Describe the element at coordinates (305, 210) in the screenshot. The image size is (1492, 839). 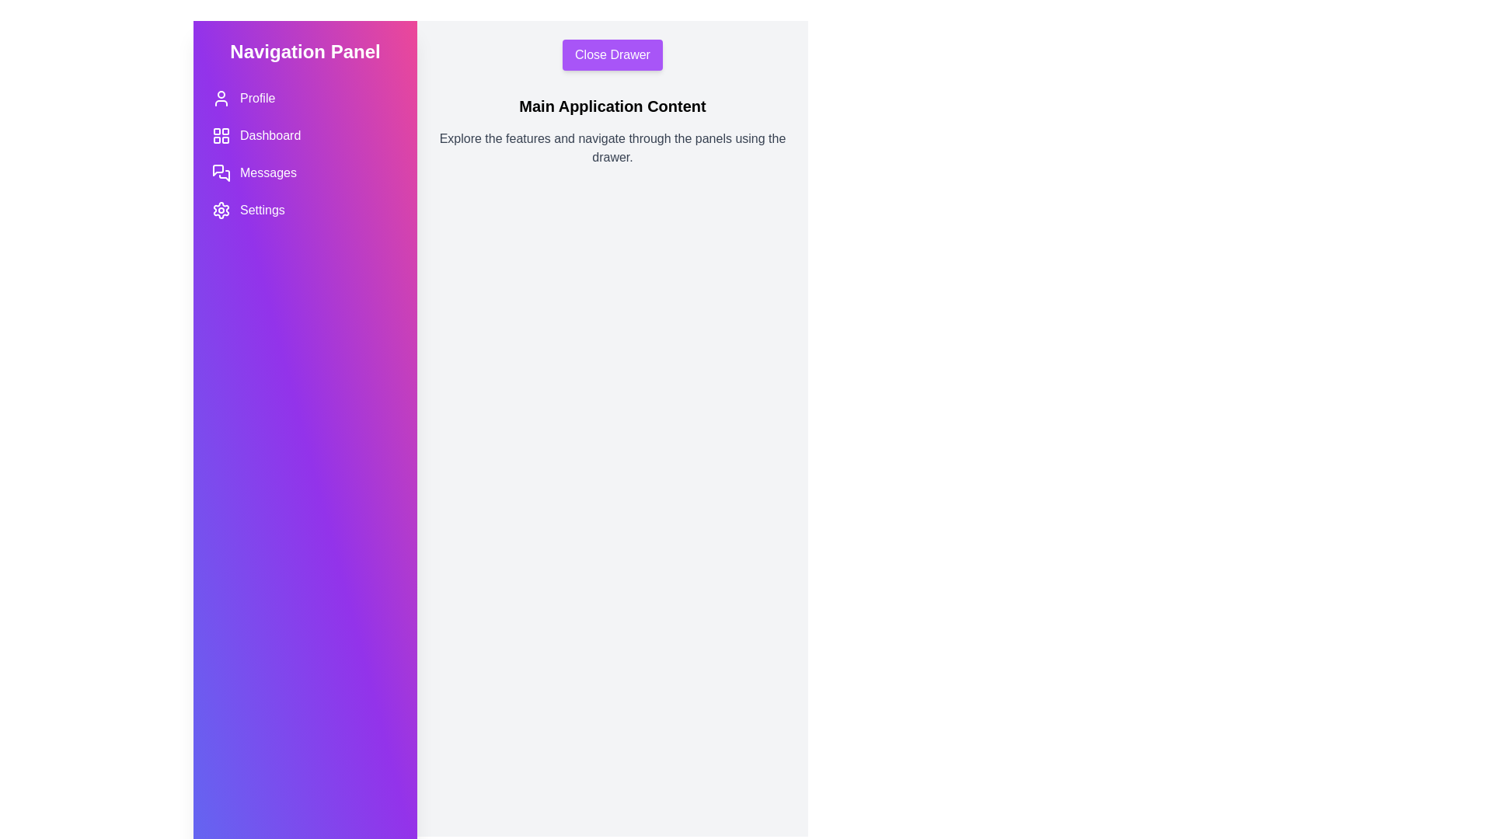
I see `the navigation button for Settings to navigate to the corresponding section` at that location.